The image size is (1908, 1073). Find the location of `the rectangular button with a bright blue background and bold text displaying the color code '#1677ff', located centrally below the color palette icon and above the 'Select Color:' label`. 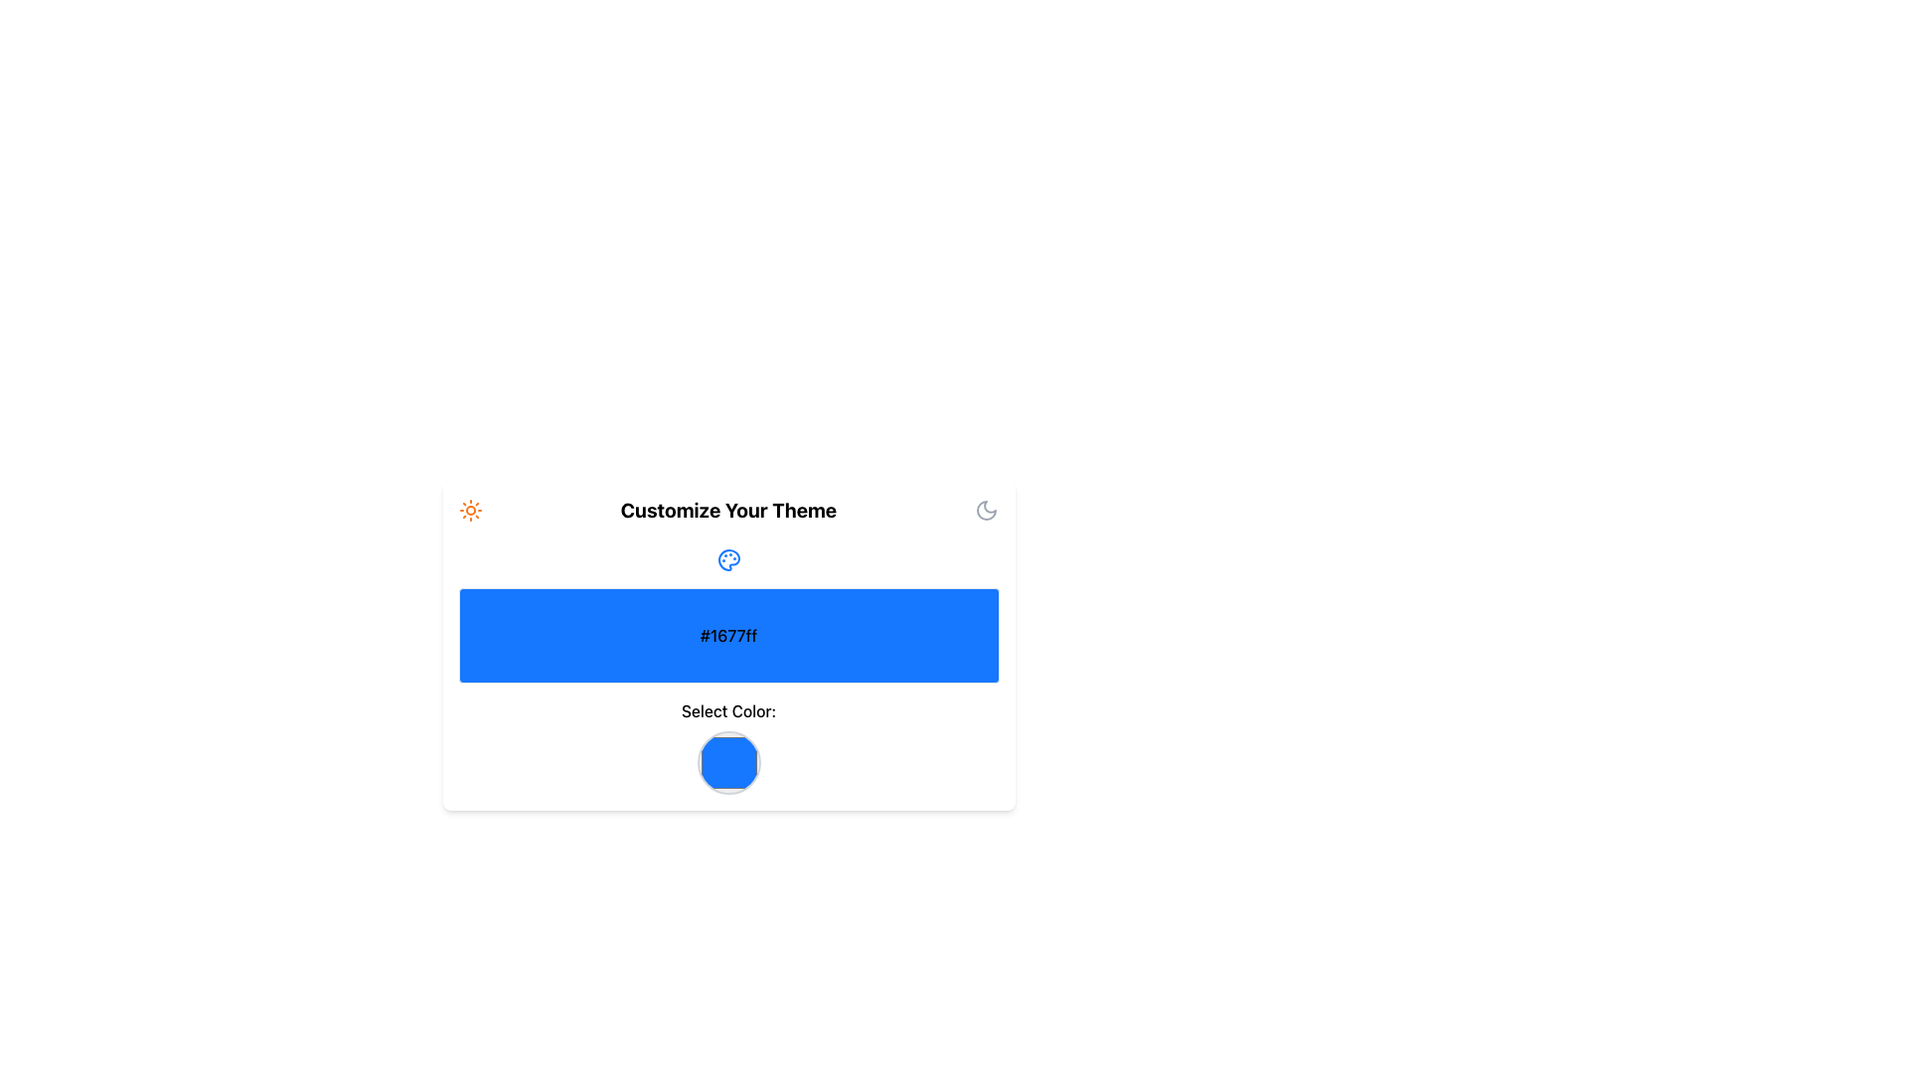

the rectangular button with a bright blue background and bold text displaying the color code '#1677ff', located centrally below the color palette icon and above the 'Select Color:' label is located at coordinates (727, 646).